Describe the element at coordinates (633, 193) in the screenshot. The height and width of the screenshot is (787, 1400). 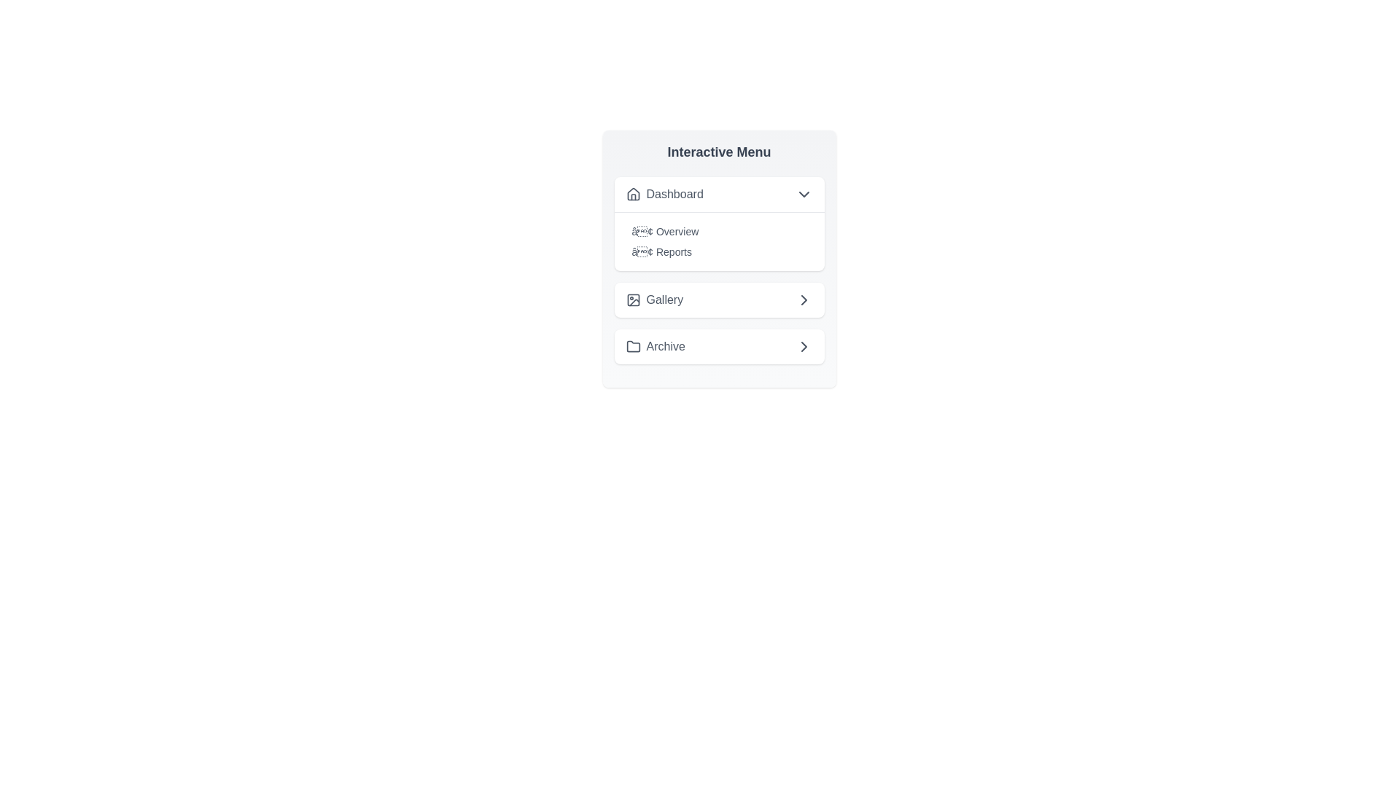
I see `the icon of the section Dashboard` at that location.